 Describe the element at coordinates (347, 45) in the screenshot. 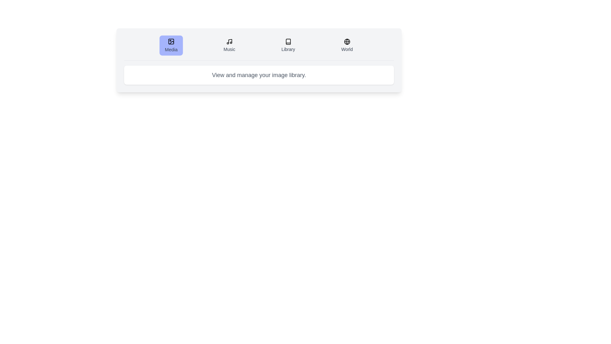

I see `the tab labeled World to activate it` at that location.